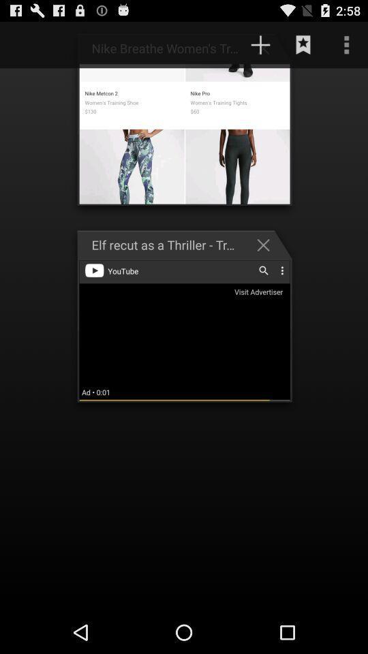 This screenshot has height=654, width=368. Describe the element at coordinates (303, 48) in the screenshot. I see `the bookmark icon` at that location.